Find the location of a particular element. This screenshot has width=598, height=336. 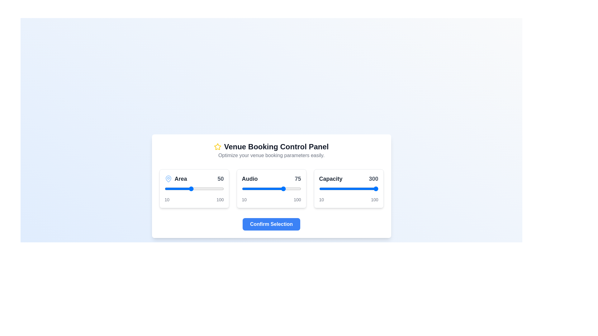

the Area slider is located at coordinates (166, 188).